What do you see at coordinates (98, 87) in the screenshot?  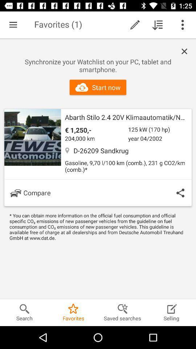 I see `item below the synchronize your watchlist` at bounding box center [98, 87].